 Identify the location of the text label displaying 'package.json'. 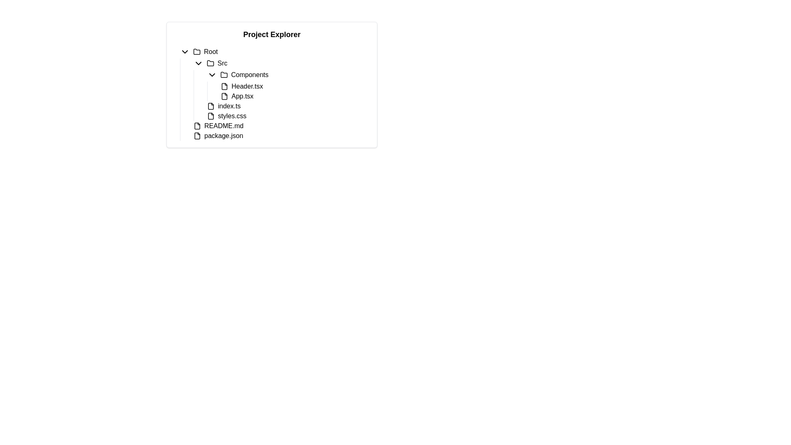
(224, 136).